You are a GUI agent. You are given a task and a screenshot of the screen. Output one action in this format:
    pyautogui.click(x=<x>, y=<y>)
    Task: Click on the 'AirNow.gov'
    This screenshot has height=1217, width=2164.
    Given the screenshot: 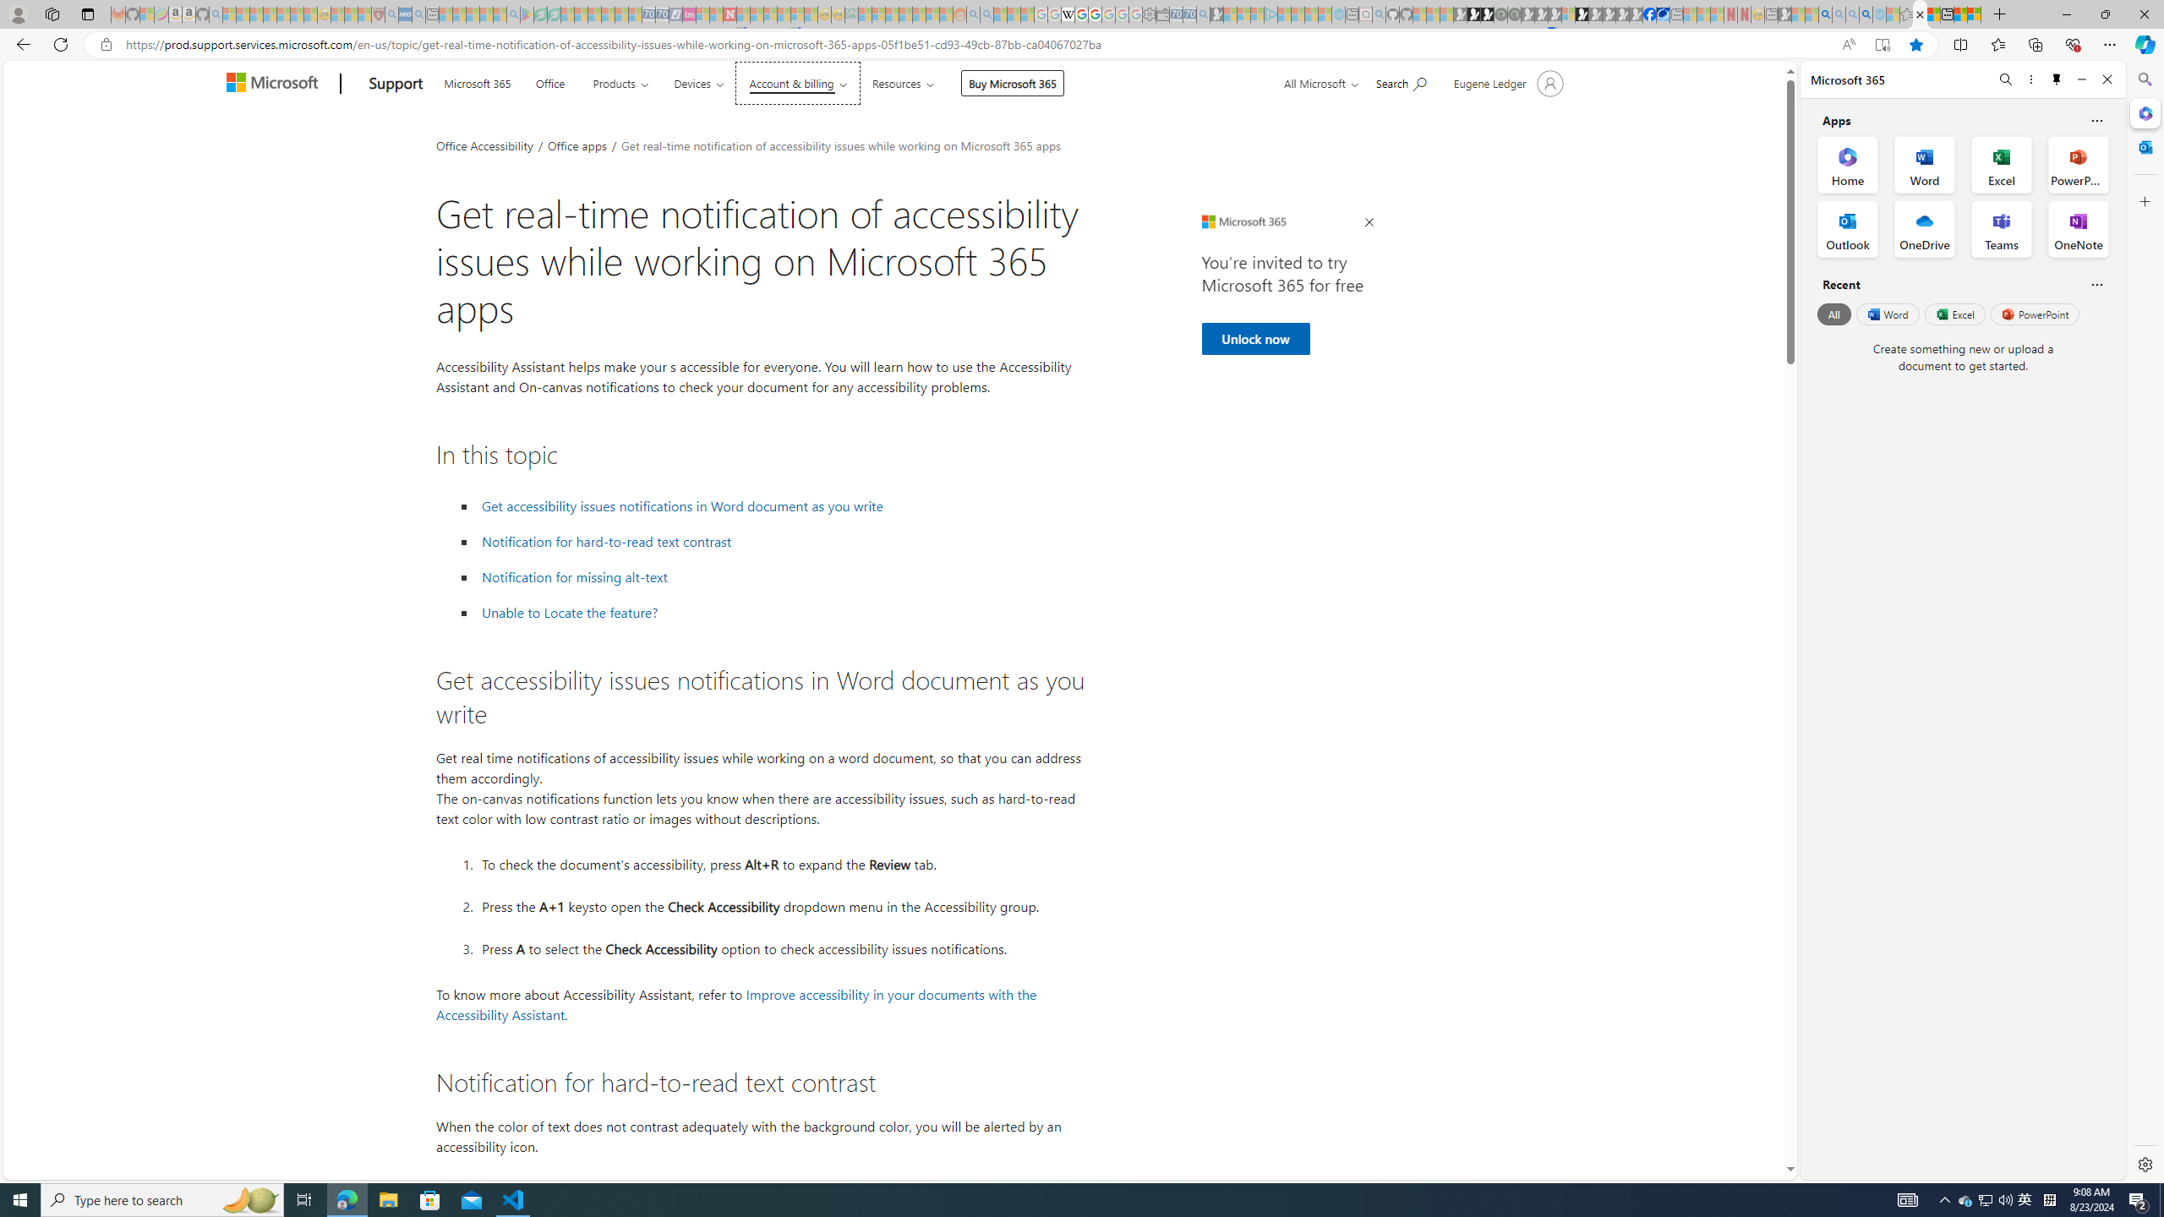 What is the action you would take?
    pyautogui.click(x=1662, y=14)
    